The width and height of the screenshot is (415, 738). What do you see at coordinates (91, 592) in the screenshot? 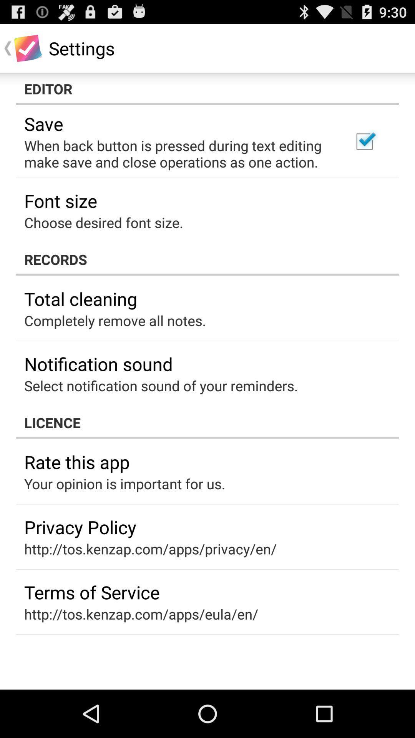
I see `terms of service app` at bounding box center [91, 592].